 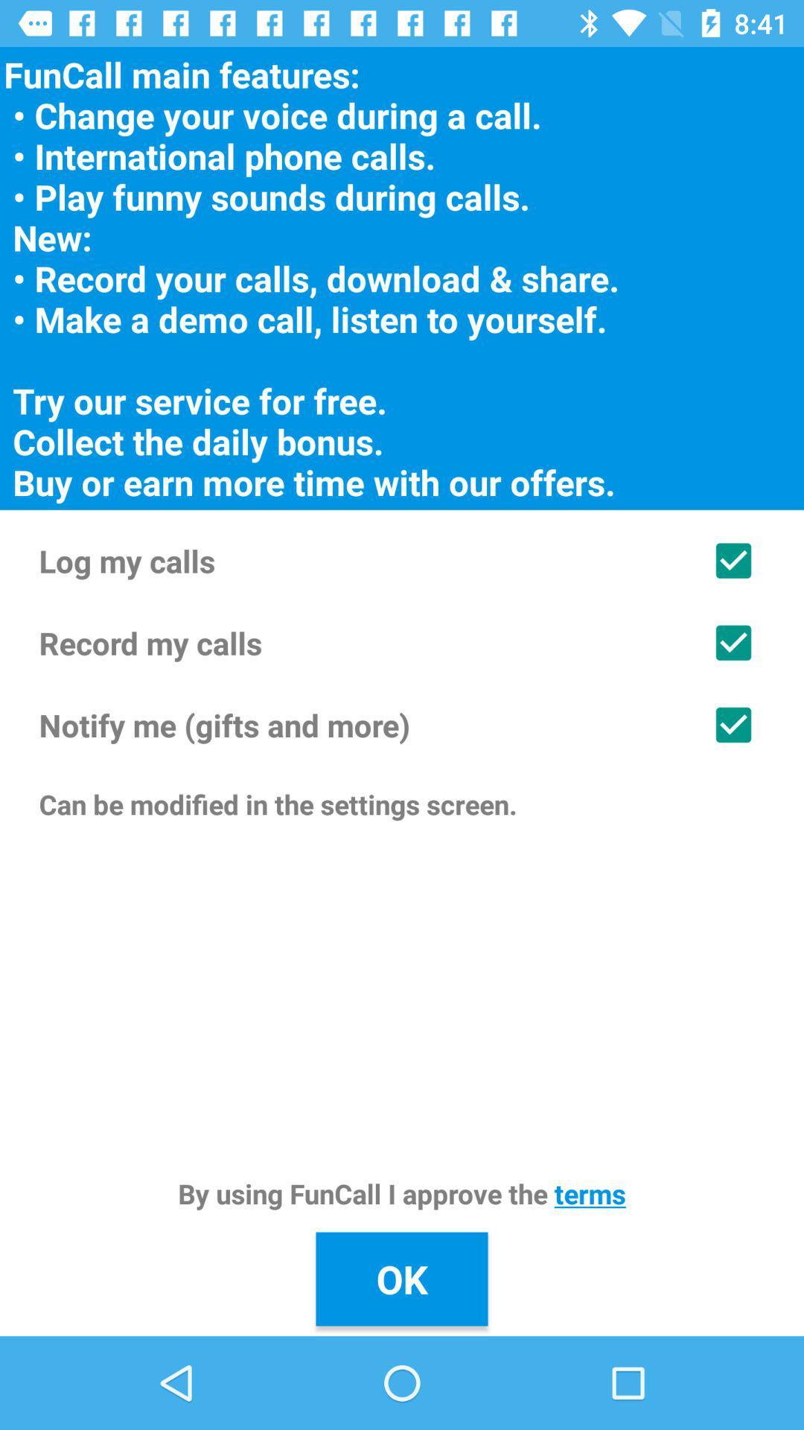 I want to click on notify me gifts, so click(x=402, y=725).